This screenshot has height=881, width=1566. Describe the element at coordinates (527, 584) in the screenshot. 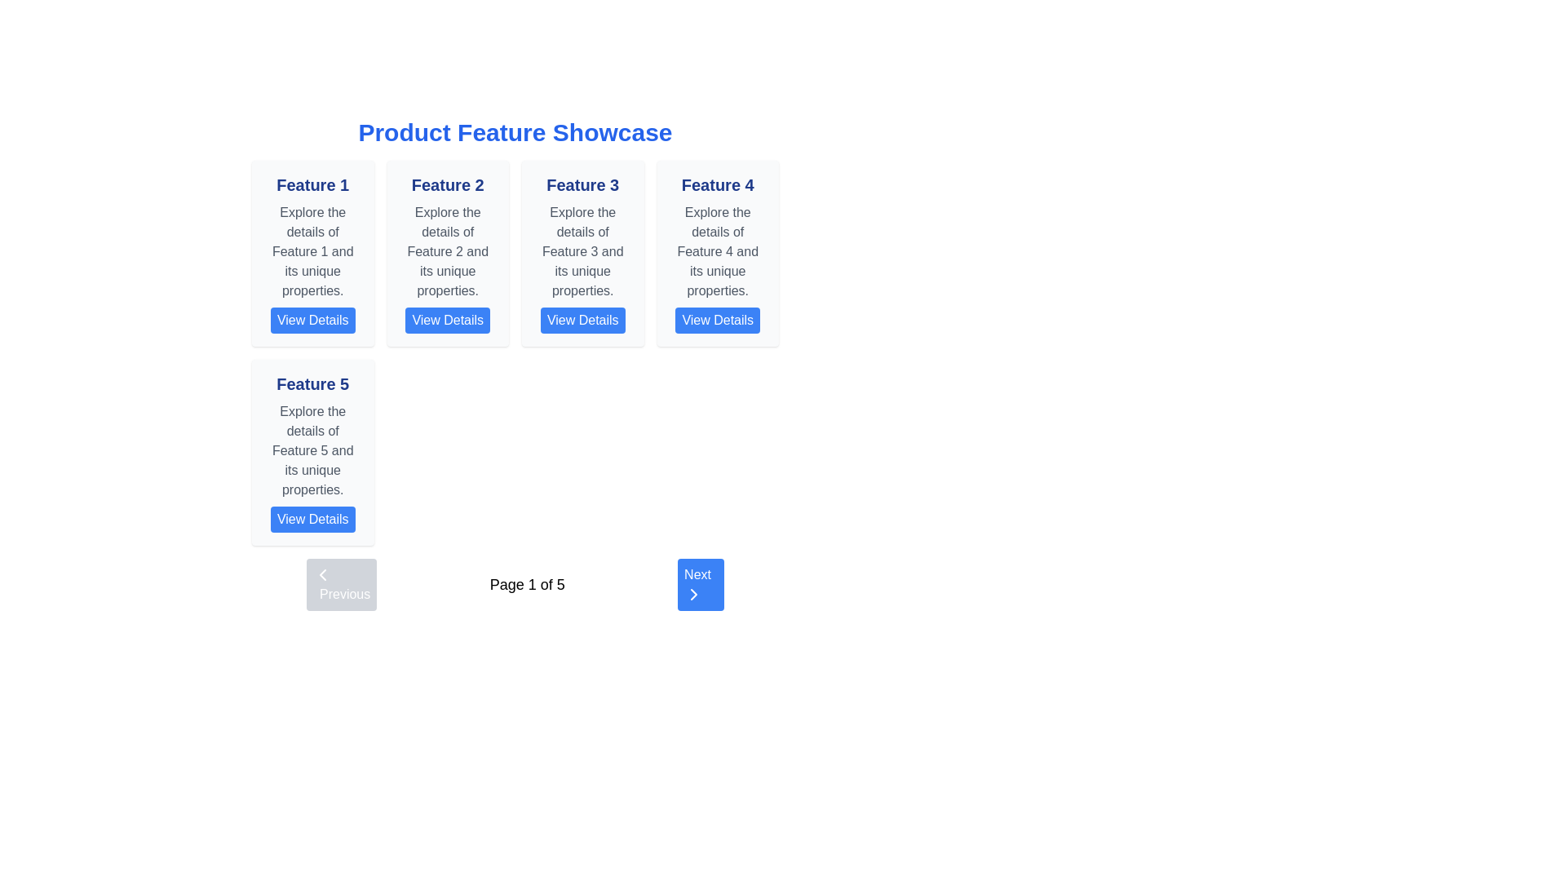

I see `the textual indicator reading 'Page 1 of 5' located in the bottom center of the navigation bar, positioned between the 'Previous' and 'Next' buttons` at that location.